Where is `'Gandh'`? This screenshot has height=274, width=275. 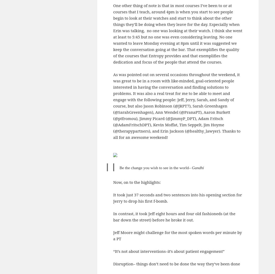
'Gandh' is located at coordinates (197, 167).